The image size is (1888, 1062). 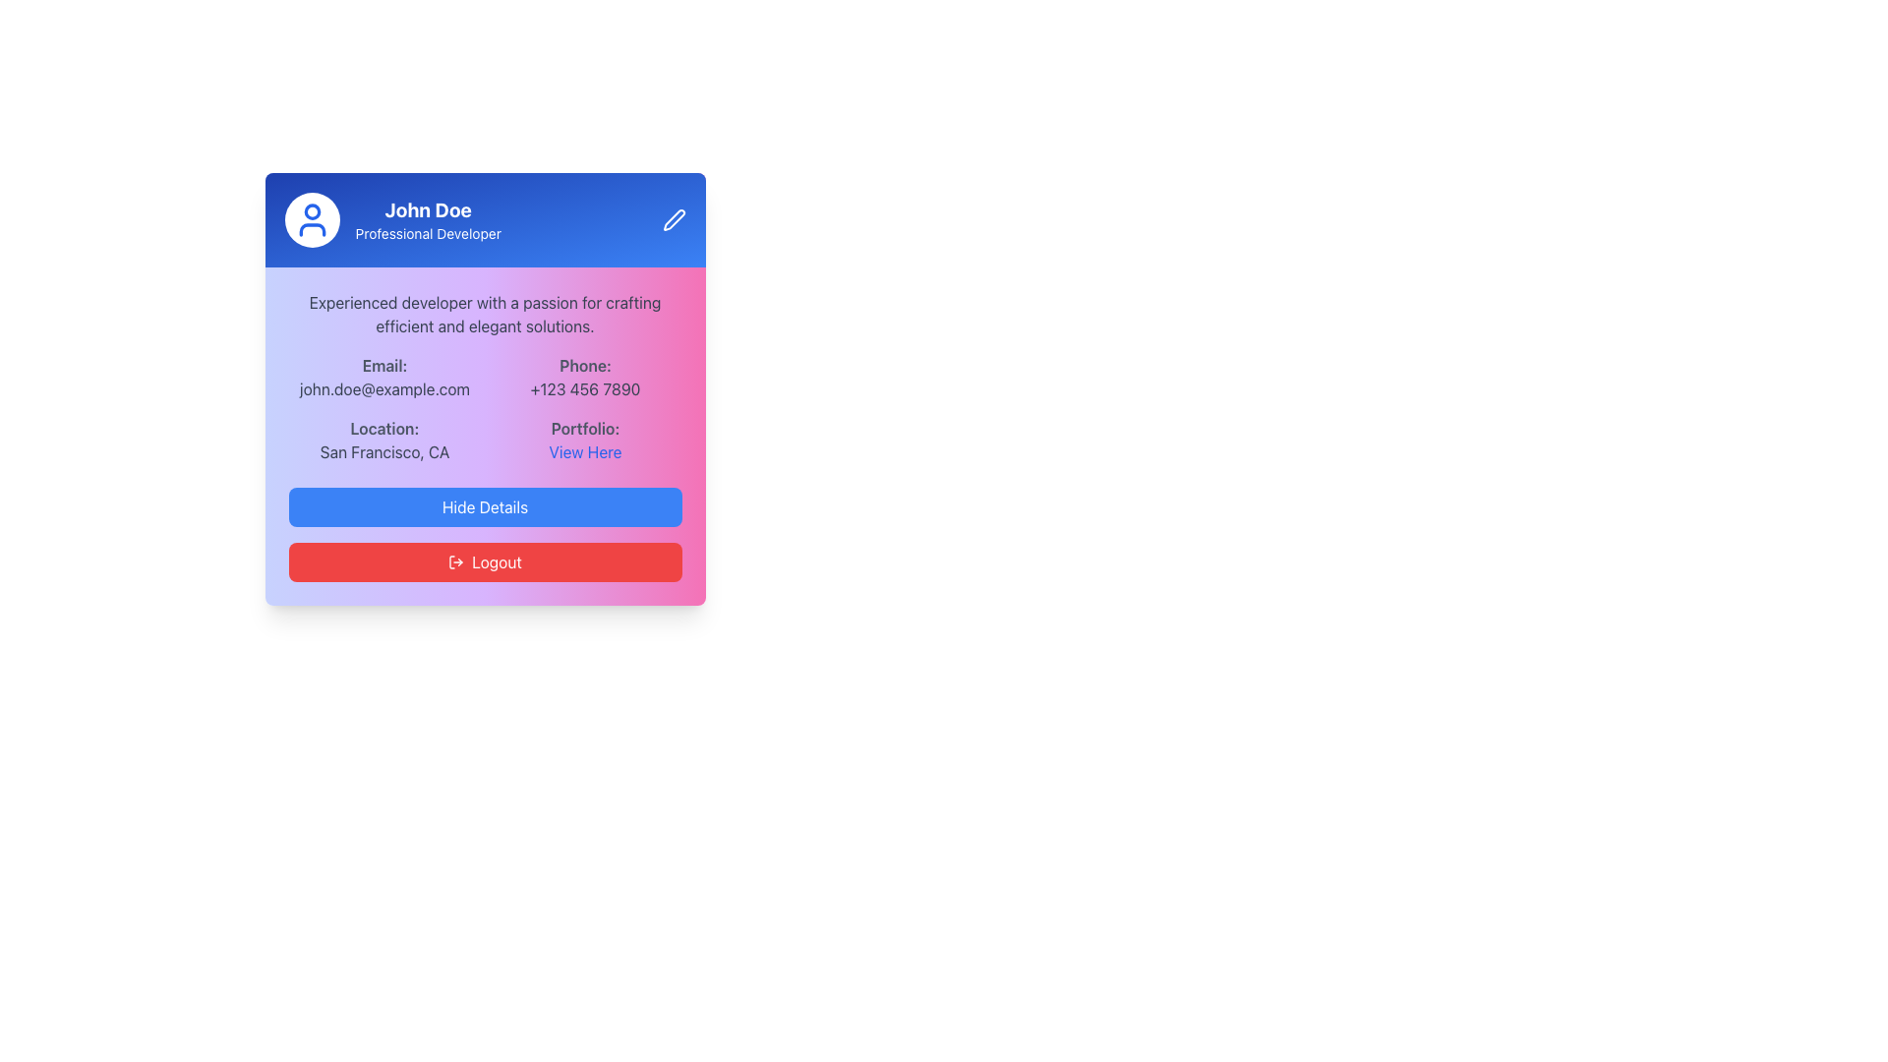 What do you see at coordinates (674, 219) in the screenshot?
I see `the edit icon located in the top-right corner of the card interface to initiate editing` at bounding box center [674, 219].